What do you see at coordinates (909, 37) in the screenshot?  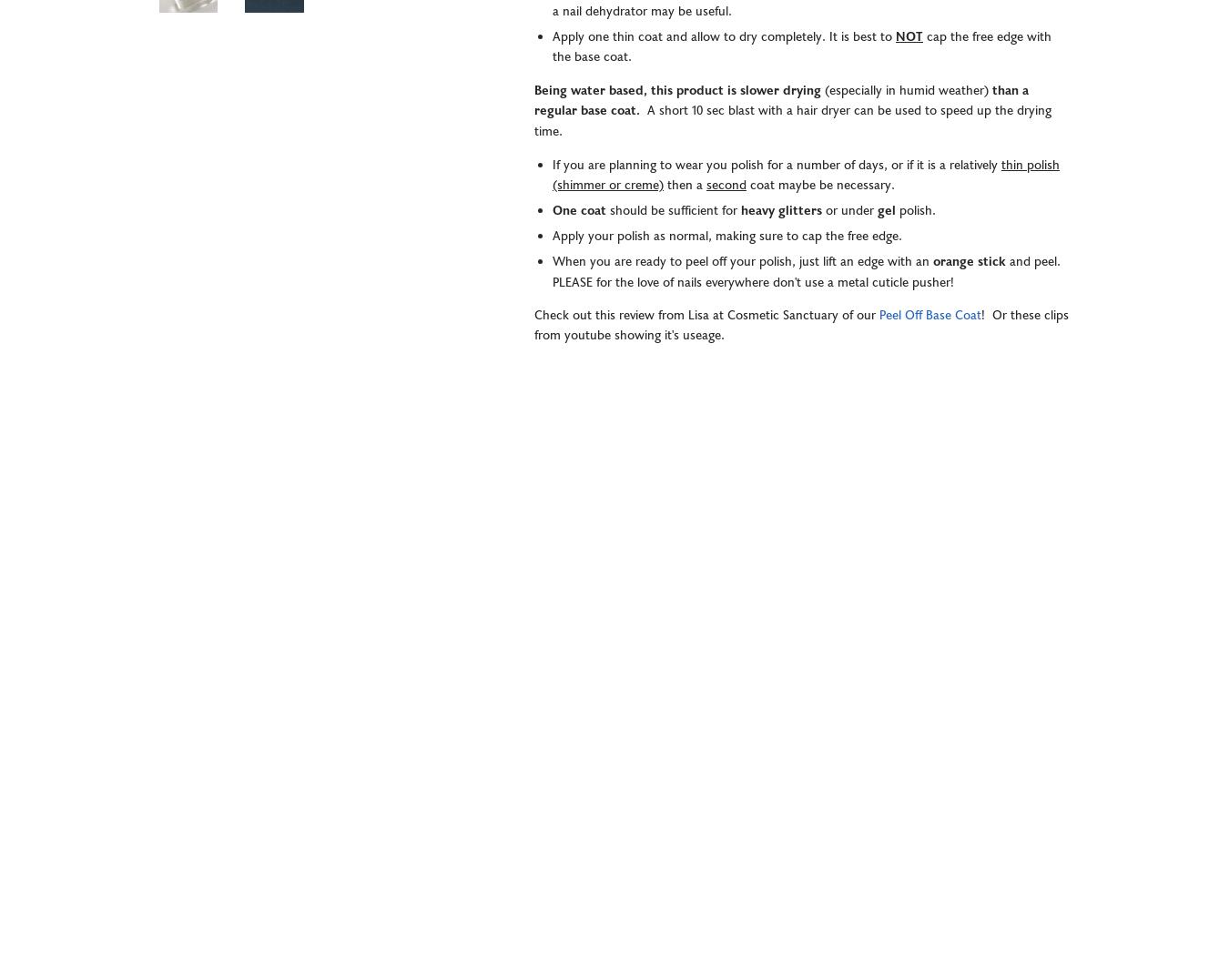 I see `'NOT'` at bounding box center [909, 37].